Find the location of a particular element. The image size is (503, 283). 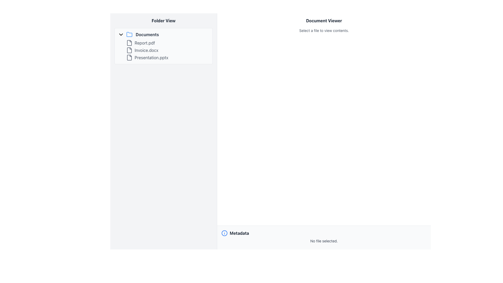

the File icon representing the PDF document titled 'Report.pdf' located in the 'Documents' section of the 'Folder View' pane is located at coordinates (129, 43).